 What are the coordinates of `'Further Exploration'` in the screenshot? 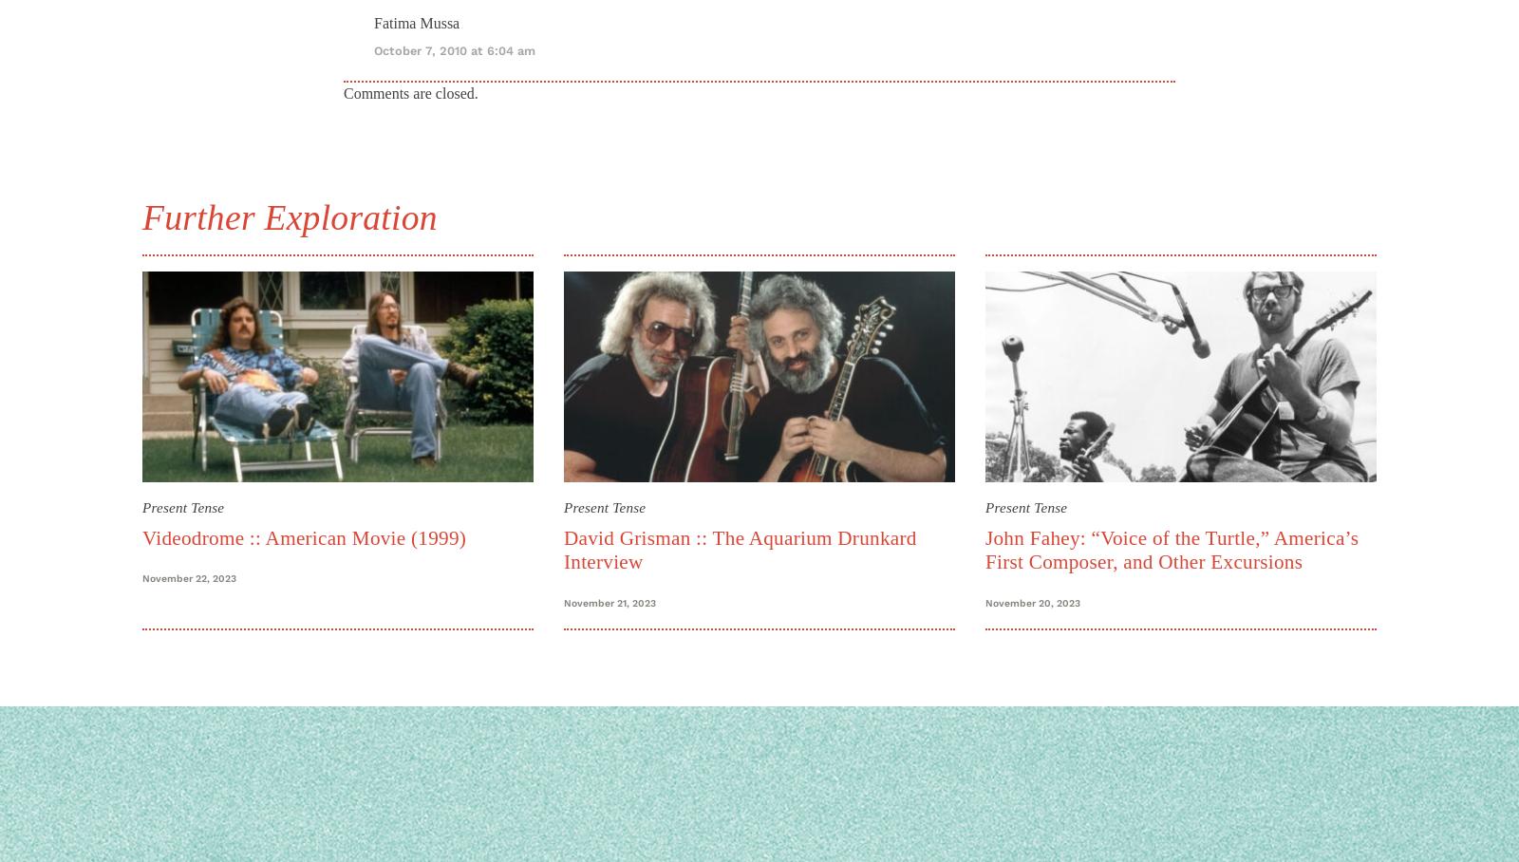 It's located at (289, 215).